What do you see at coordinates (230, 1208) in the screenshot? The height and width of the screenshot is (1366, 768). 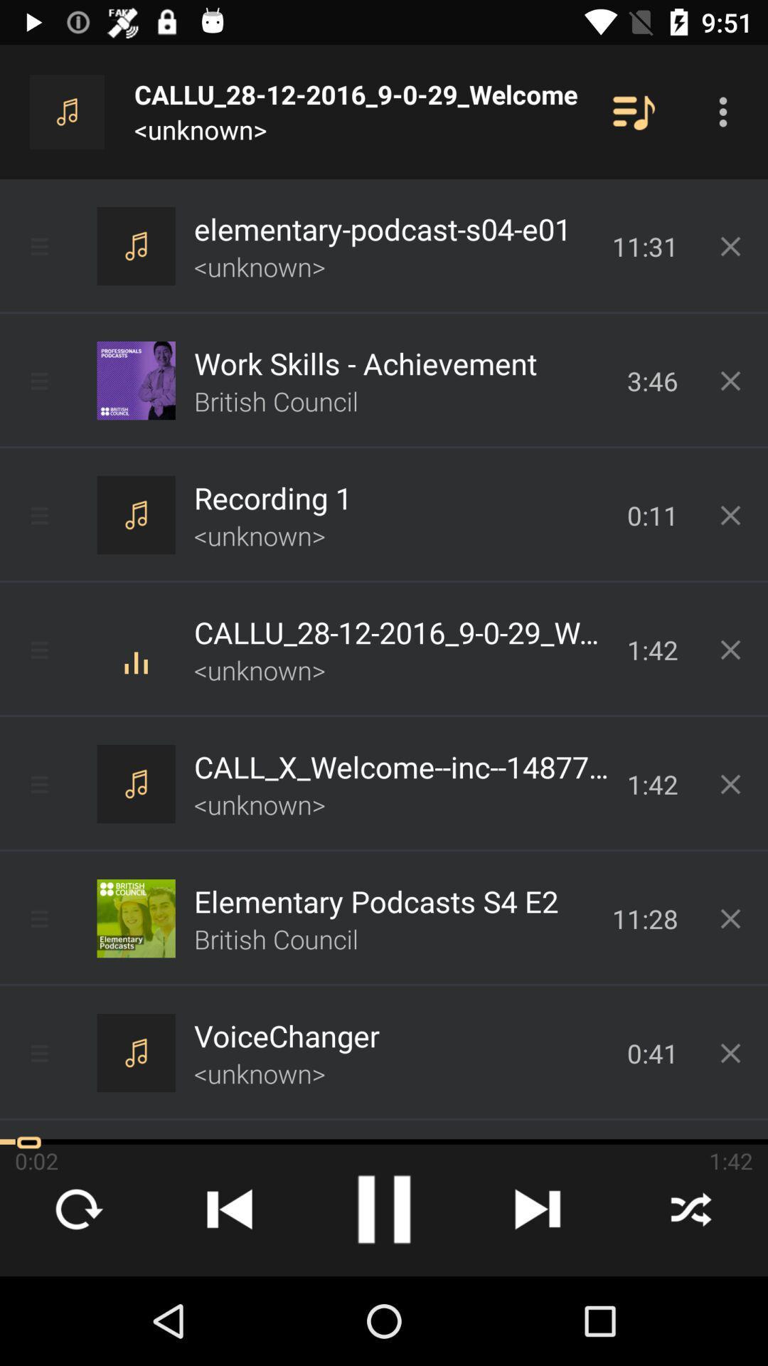 I see `the skip_previous icon` at bounding box center [230, 1208].